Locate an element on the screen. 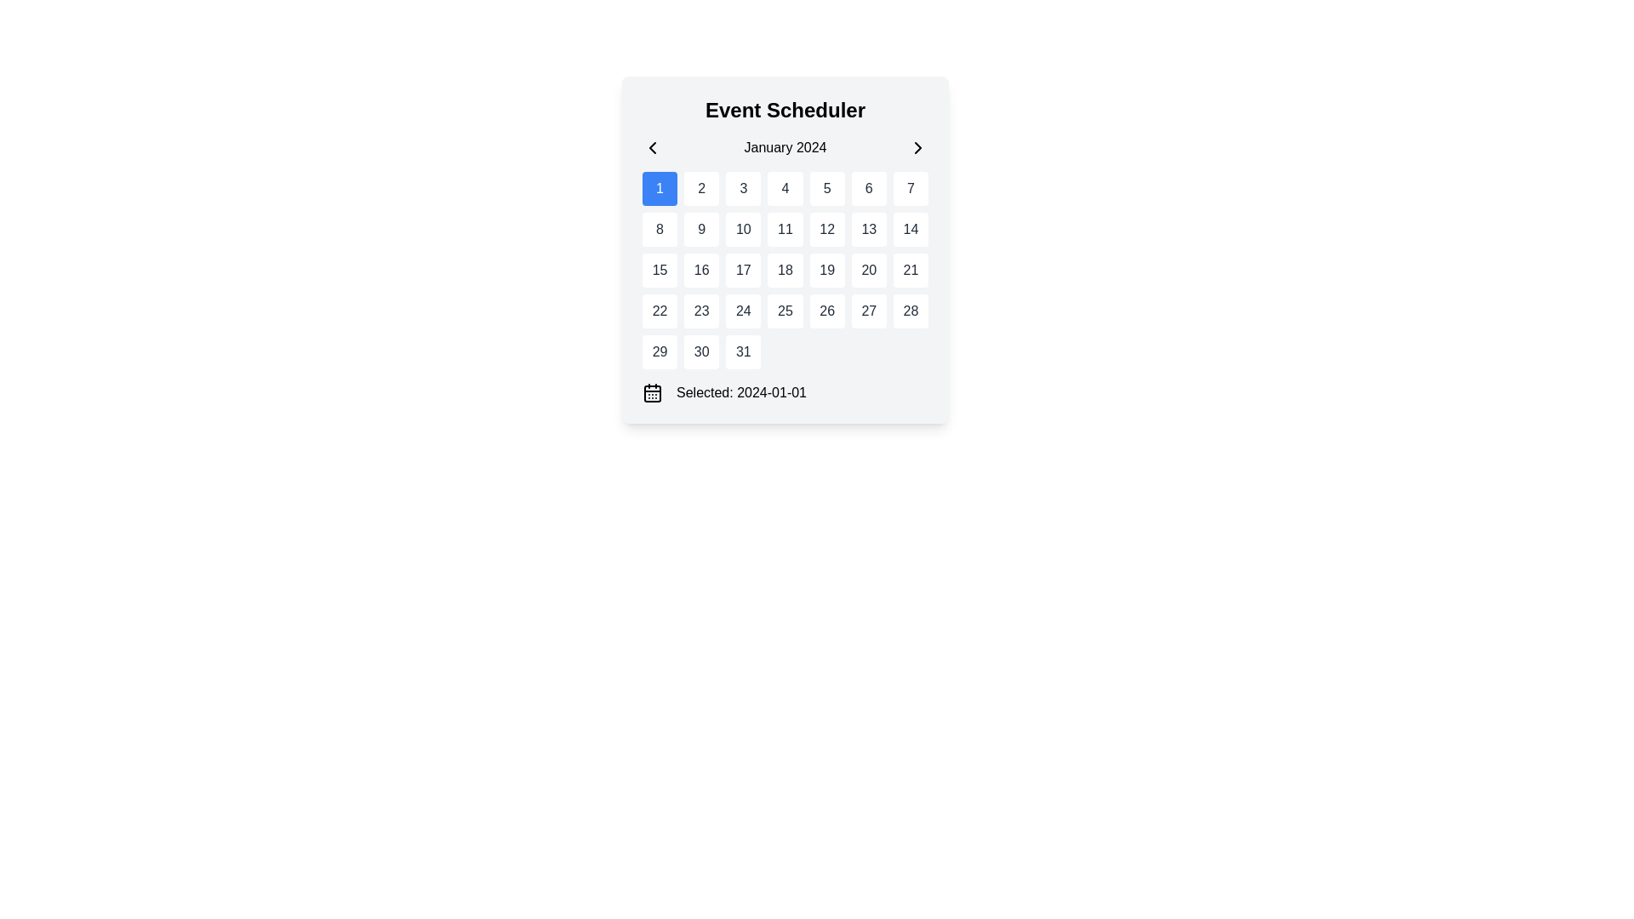  the calendar icon located to the left of the text 'Selected: 2024-01-01' within the scheduler interface is located at coordinates (652, 393).